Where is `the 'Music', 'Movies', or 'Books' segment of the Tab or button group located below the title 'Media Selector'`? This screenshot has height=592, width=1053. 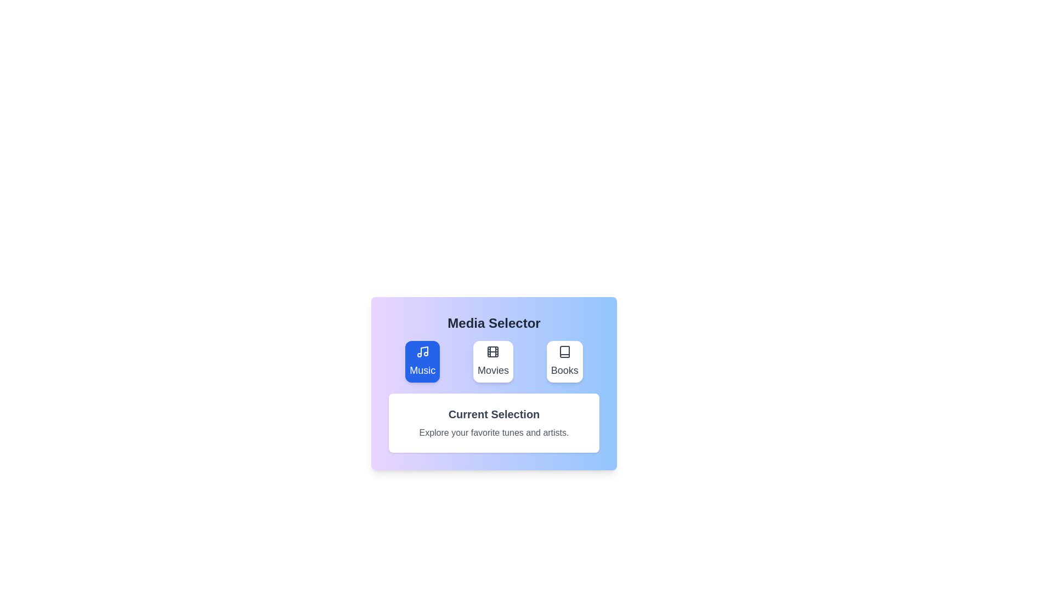
the 'Music', 'Movies', or 'Books' segment of the Tab or button group located below the title 'Media Selector' is located at coordinates (494, 361).